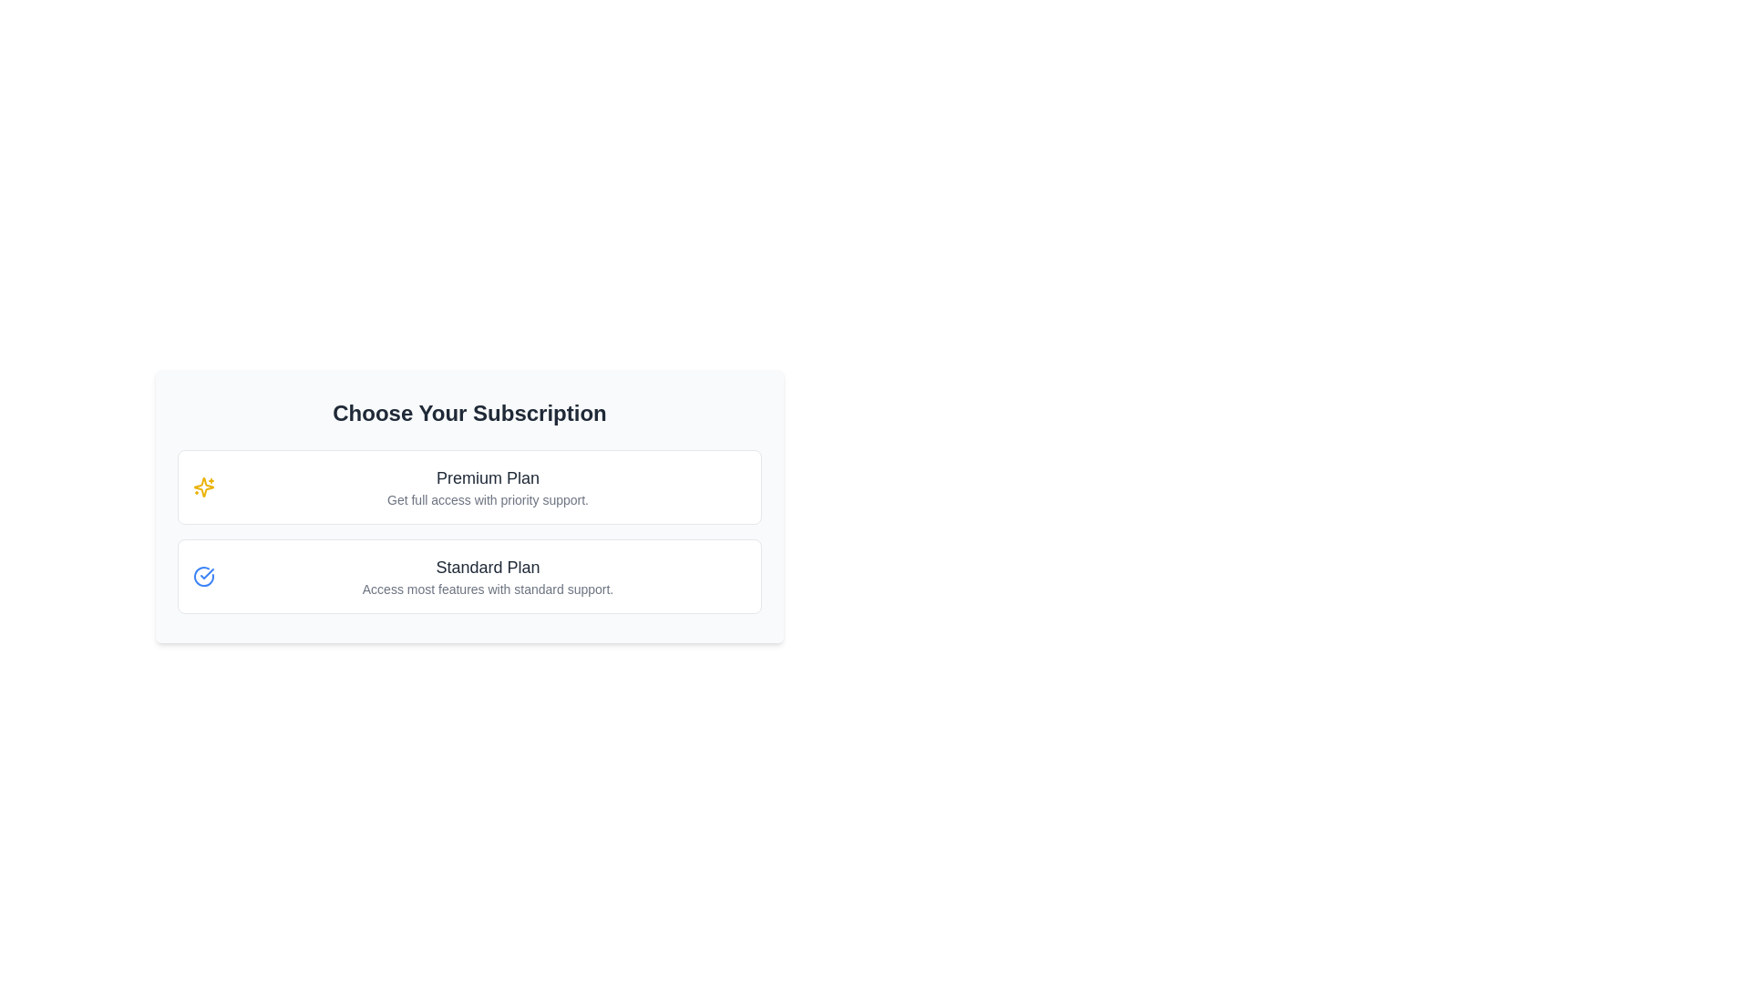  I want to click on the informational text element titled 'Standard Plan', so click(488, 576).